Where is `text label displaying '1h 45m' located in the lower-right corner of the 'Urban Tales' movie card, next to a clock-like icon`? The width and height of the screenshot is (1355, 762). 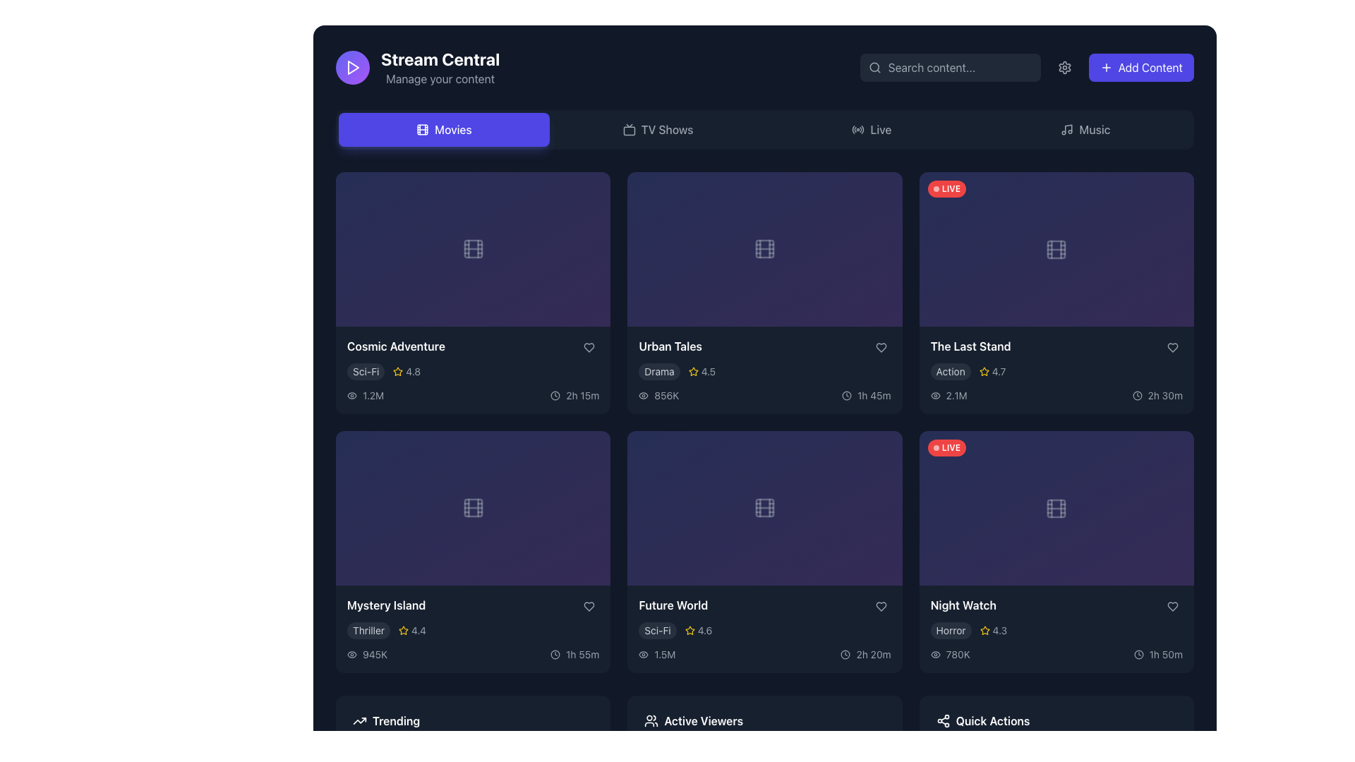
text label displaying '1h 45m' located in the lower-right corner of the 'Urban Tales' movie card, next to a clock-like icon is located at coordinates (873, 395).